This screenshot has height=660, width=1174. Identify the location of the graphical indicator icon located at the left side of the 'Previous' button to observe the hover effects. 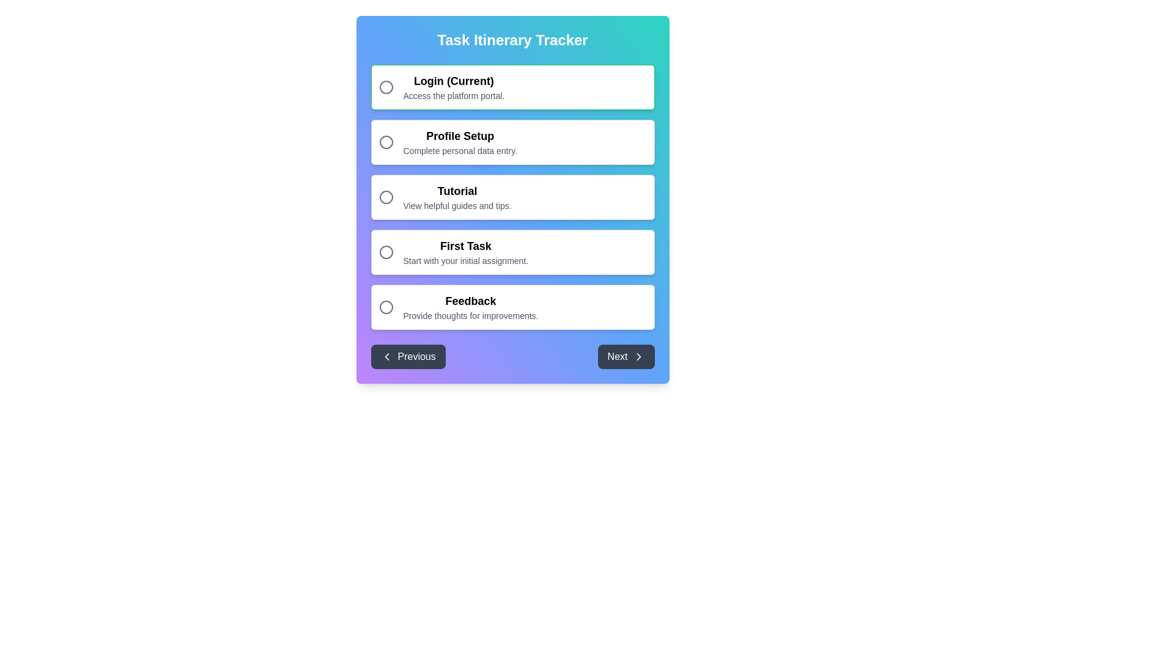
(386, 356).